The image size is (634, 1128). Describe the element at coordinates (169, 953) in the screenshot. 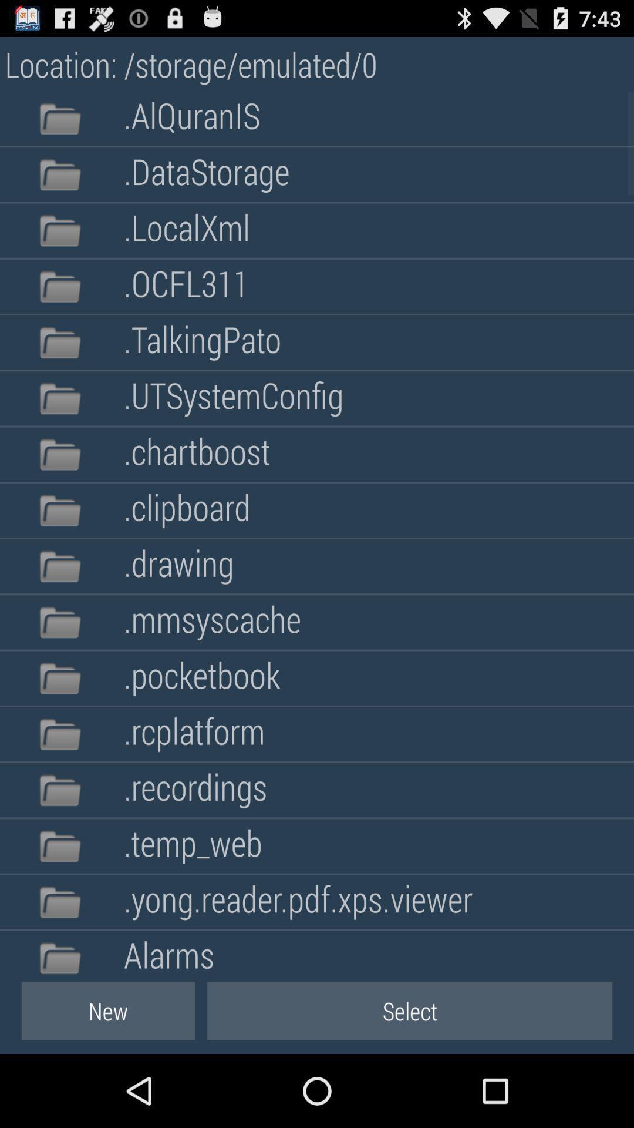

I see `alarms app` at that location.